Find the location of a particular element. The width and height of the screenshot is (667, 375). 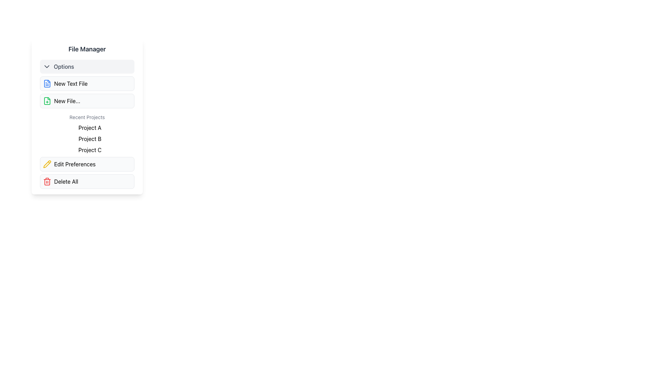

the text label located at the bottom of the 'File Manager' panel, directly below the 'Edit Preferences' option and to the right of the red trash icon is located at coordinates (66, 181).